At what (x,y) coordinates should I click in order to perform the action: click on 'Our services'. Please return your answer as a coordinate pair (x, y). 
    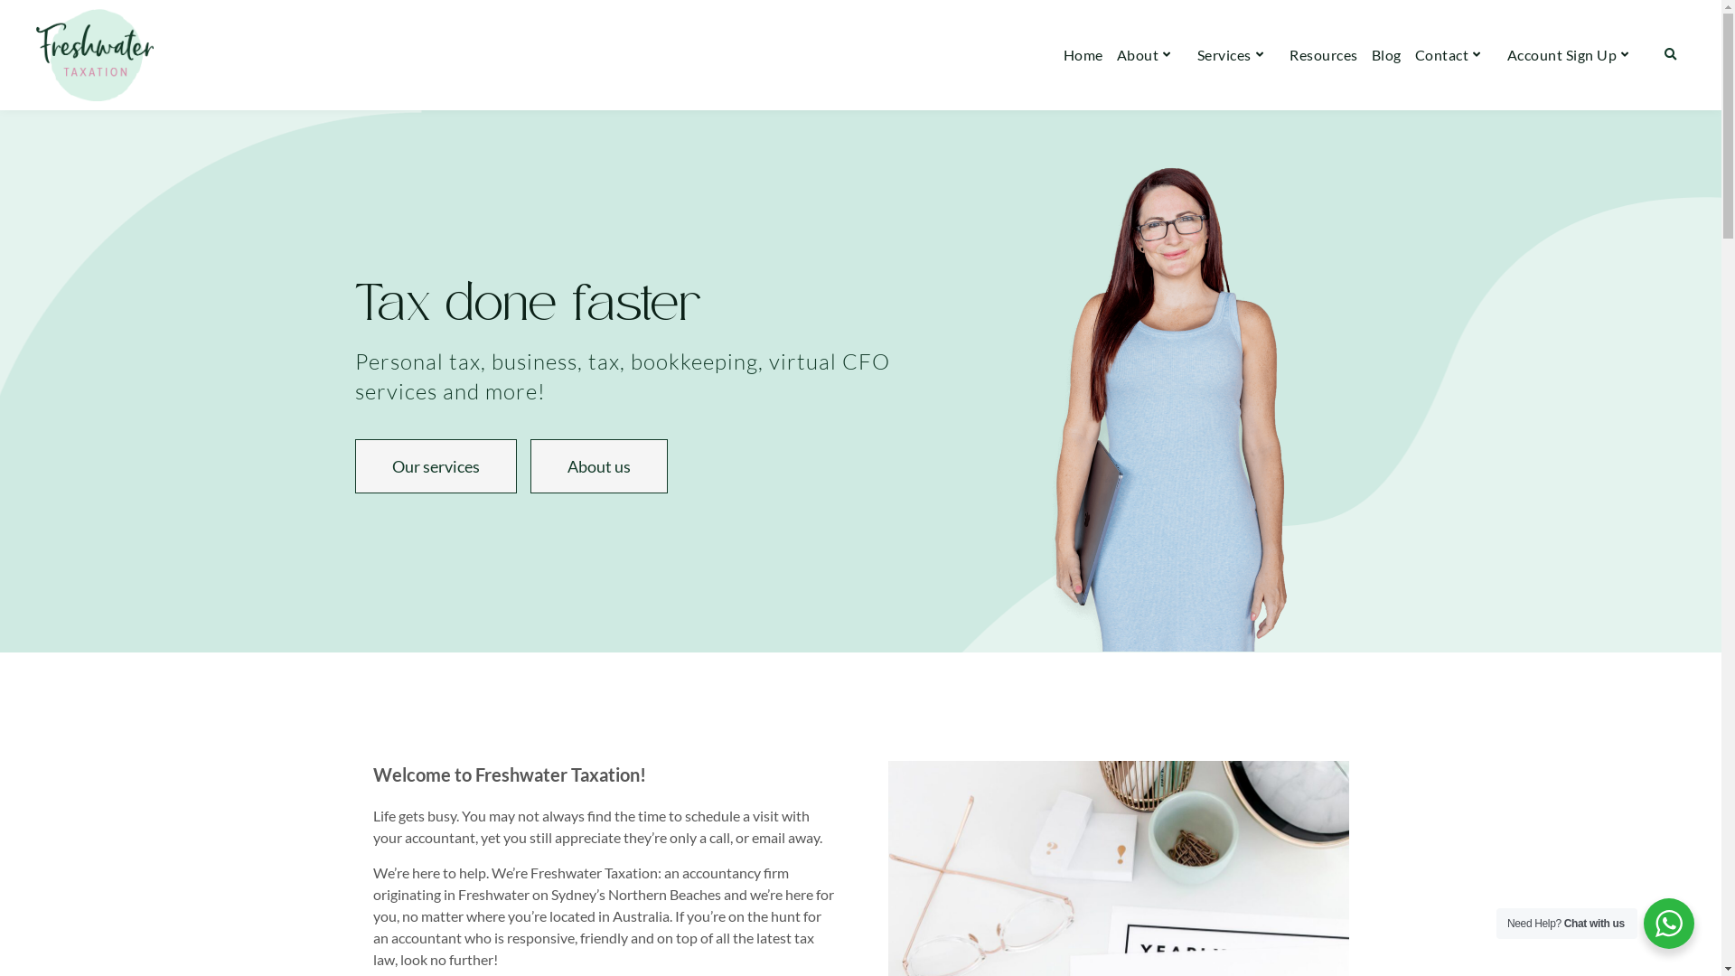
    Looking at the image, I should click on (435, 465).